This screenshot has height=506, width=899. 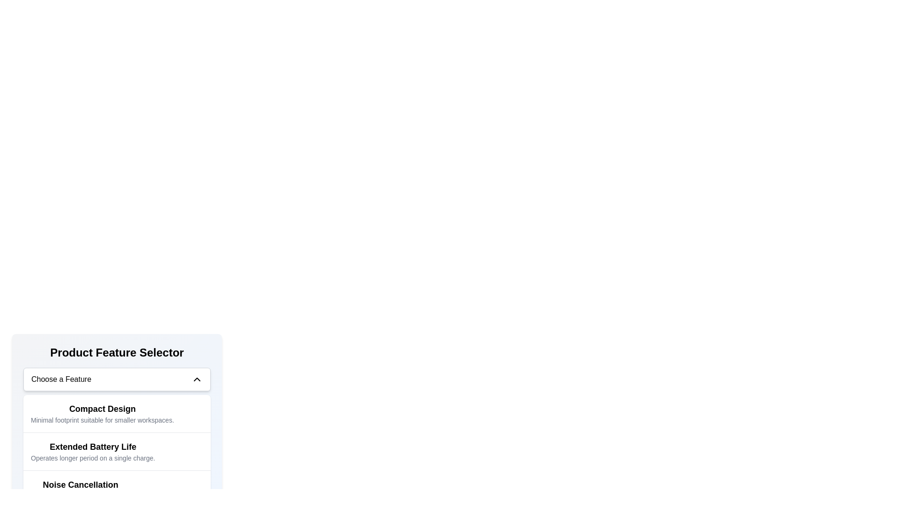 What do you see at coordinates (102, 413) in the screenshot?
I see `to select the 'Compact Design' feature from the first item in the feature selection menu located under the 'Product Feature Selector.'` at bounding box center [102, 413].